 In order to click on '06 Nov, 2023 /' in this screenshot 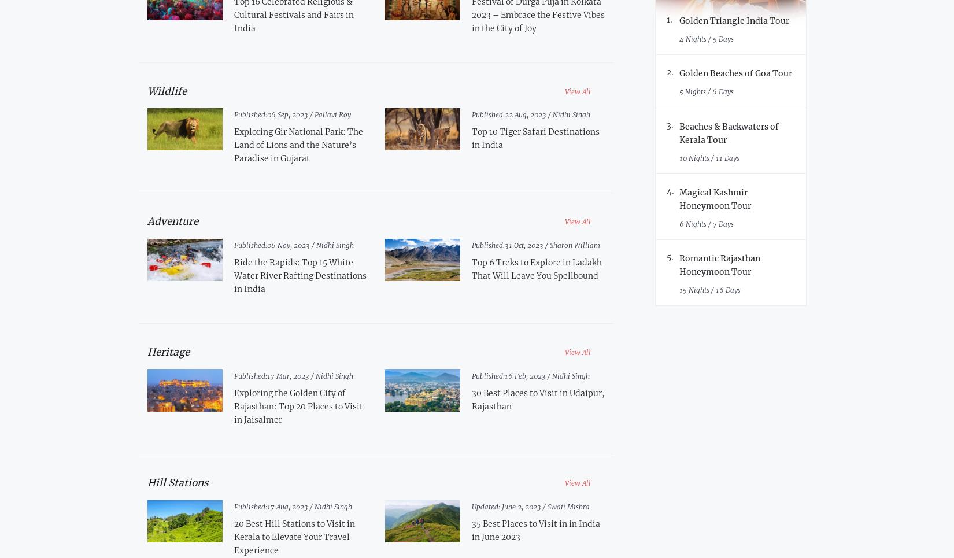, I will do `click(290, 245)`.